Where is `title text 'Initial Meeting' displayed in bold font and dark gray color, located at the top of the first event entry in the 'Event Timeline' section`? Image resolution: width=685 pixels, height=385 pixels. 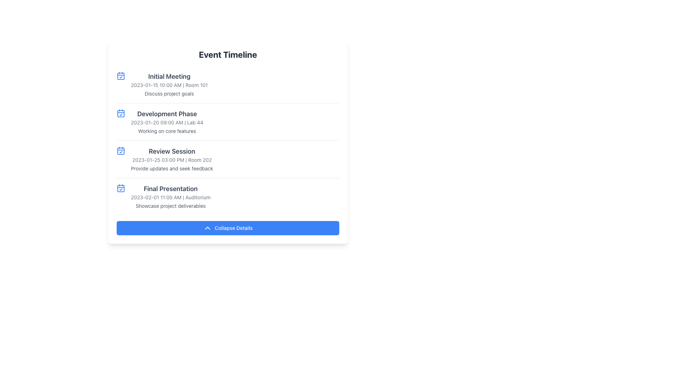
title text 'Initial Meeting' displayed in bold font and dark gray color, located at the top of the first event entry in the 'Event Timeline' section is located at coordinates (169, 77).